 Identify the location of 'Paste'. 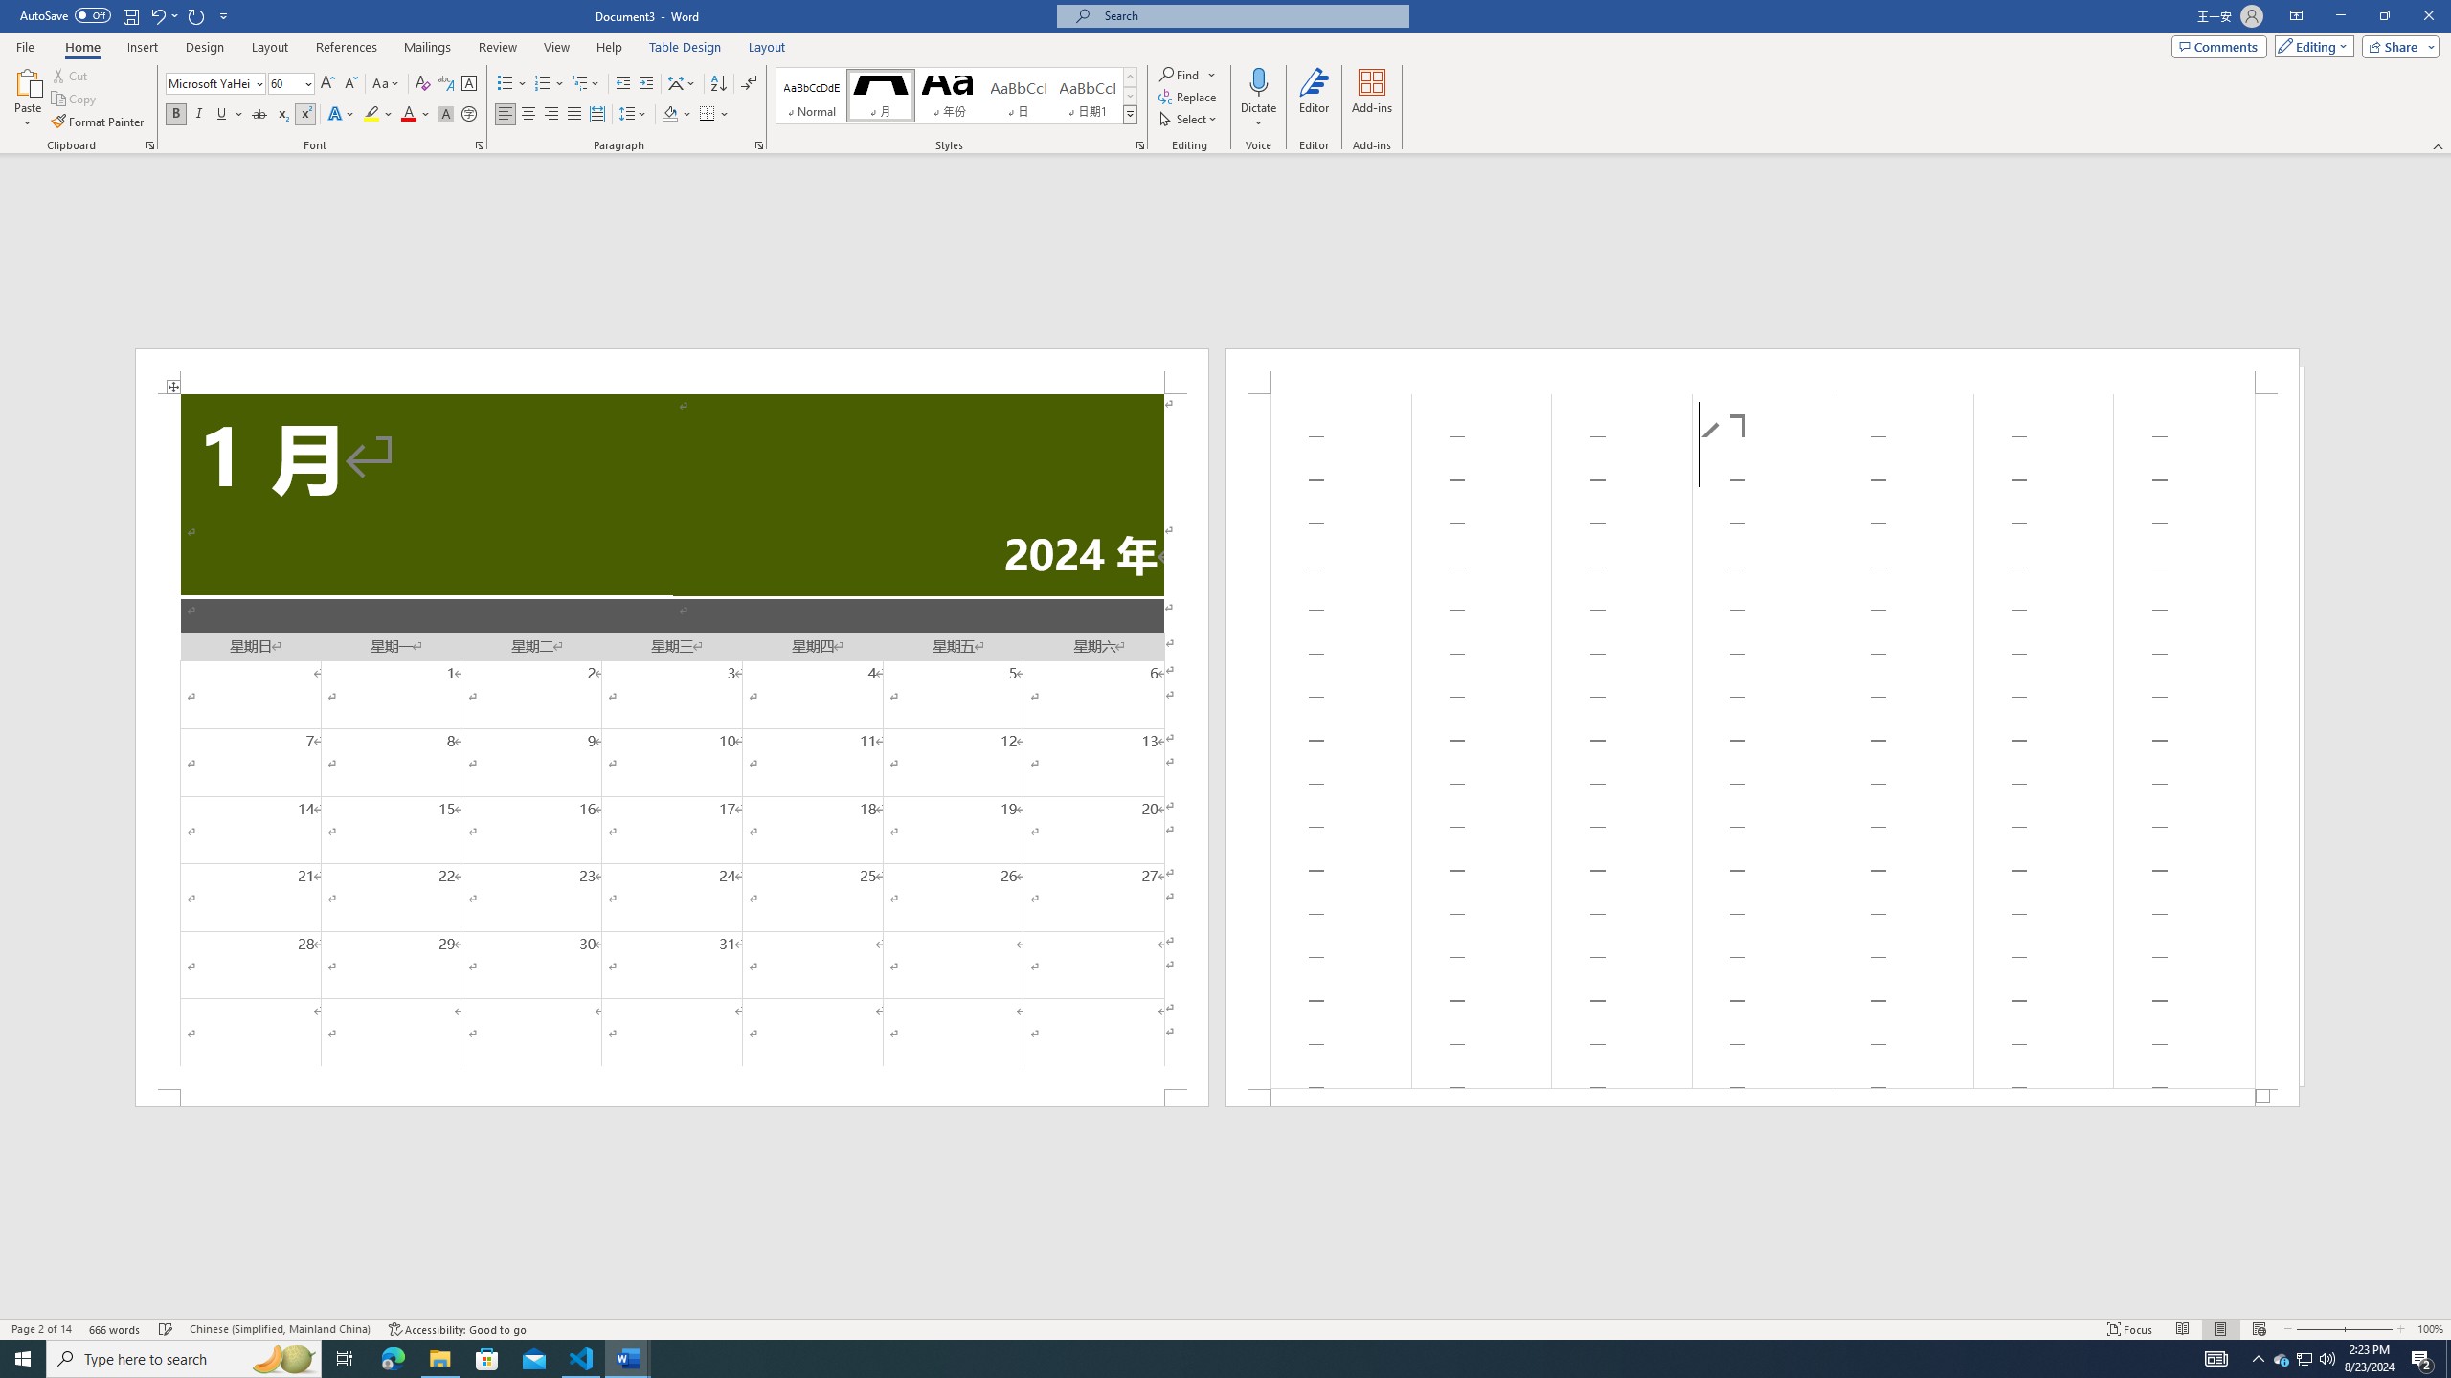
(27, 80).